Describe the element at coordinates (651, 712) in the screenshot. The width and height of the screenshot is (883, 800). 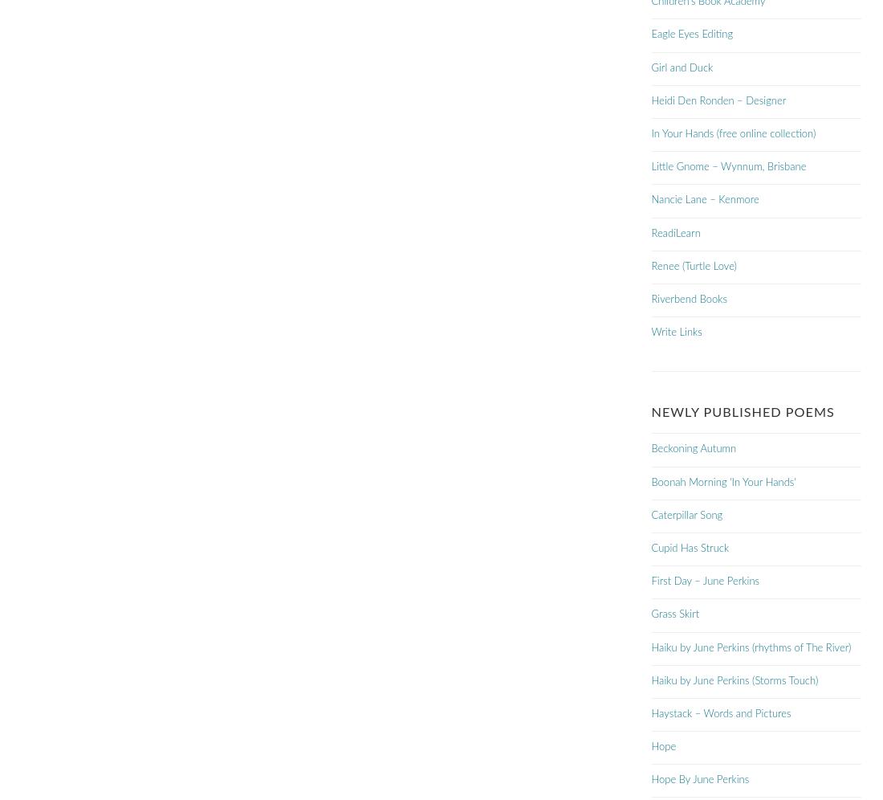
I see `'Haystack – Words and Pictures'` at that location.